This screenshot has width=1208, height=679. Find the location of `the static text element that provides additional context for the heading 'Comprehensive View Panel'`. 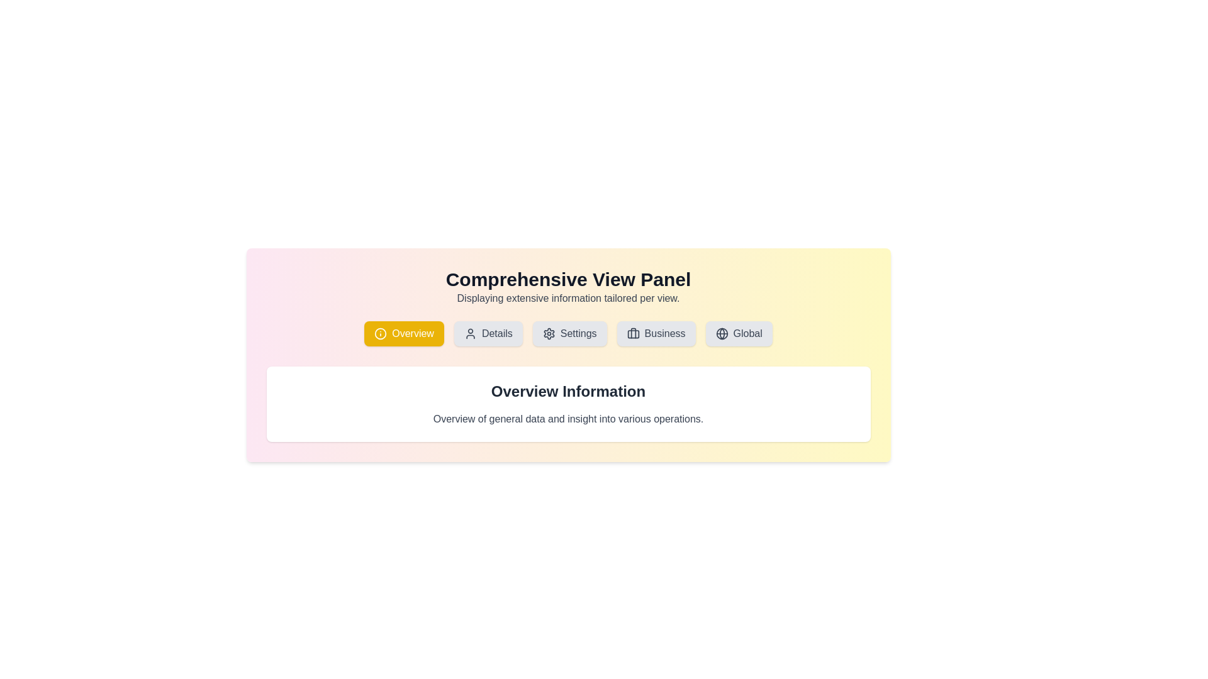

the static text element that provides additional context for the heading 'Comprehensive View Panel' is located at coordinates (568, 298).